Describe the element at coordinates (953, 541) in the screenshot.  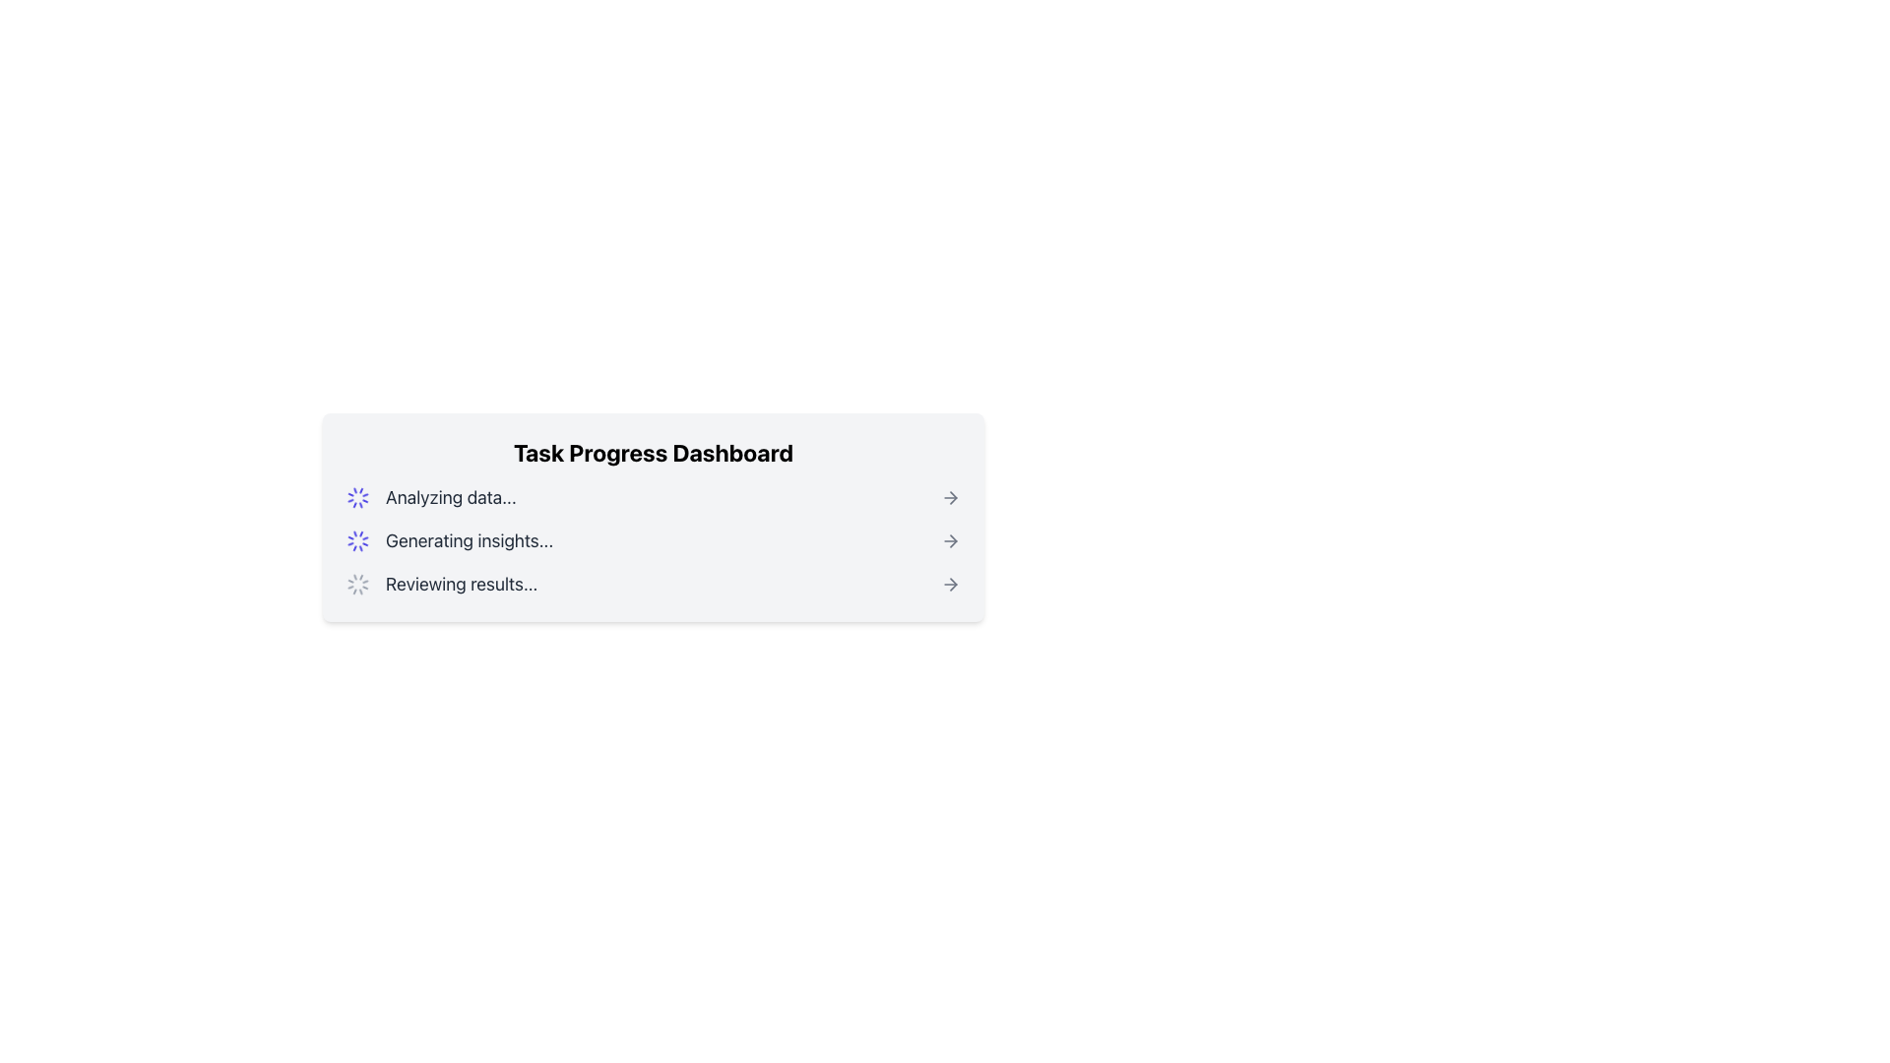
I see `the right-pointing arrow icon that indicates navigation or progression, located to the right of the 'Reviewing results...' text` at that location.